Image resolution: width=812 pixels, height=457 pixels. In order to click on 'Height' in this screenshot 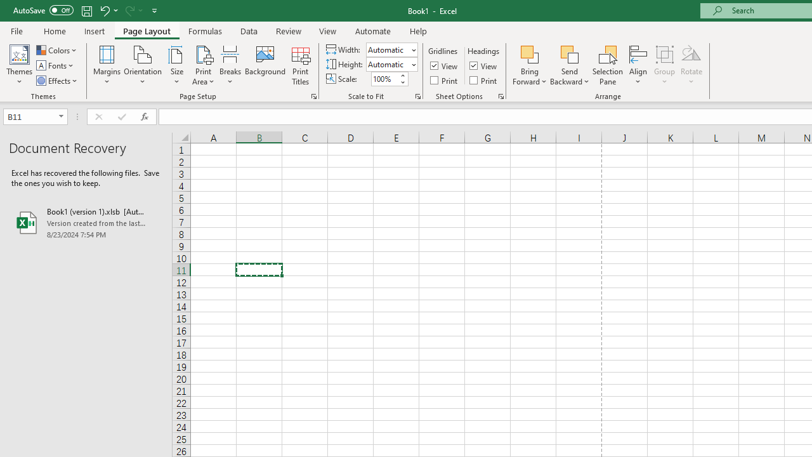, I will do `click(387, 64)`.